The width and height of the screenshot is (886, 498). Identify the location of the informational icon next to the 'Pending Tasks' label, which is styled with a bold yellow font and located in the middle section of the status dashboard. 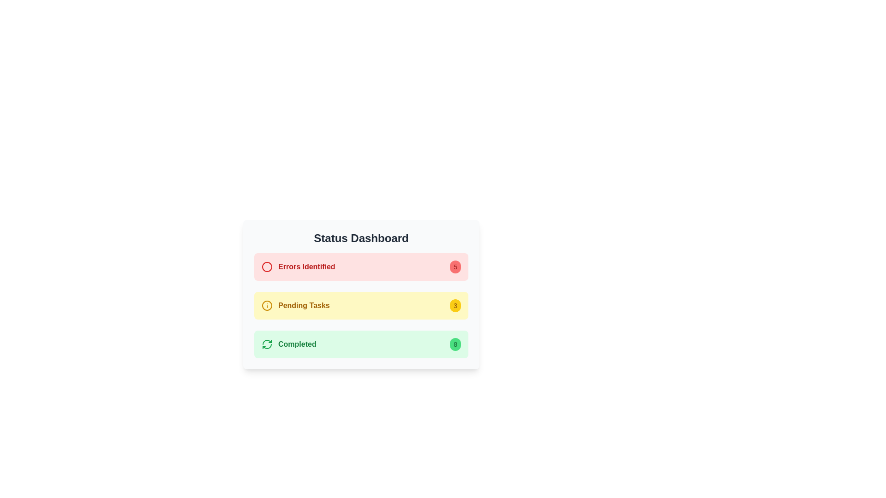
(295, 306).